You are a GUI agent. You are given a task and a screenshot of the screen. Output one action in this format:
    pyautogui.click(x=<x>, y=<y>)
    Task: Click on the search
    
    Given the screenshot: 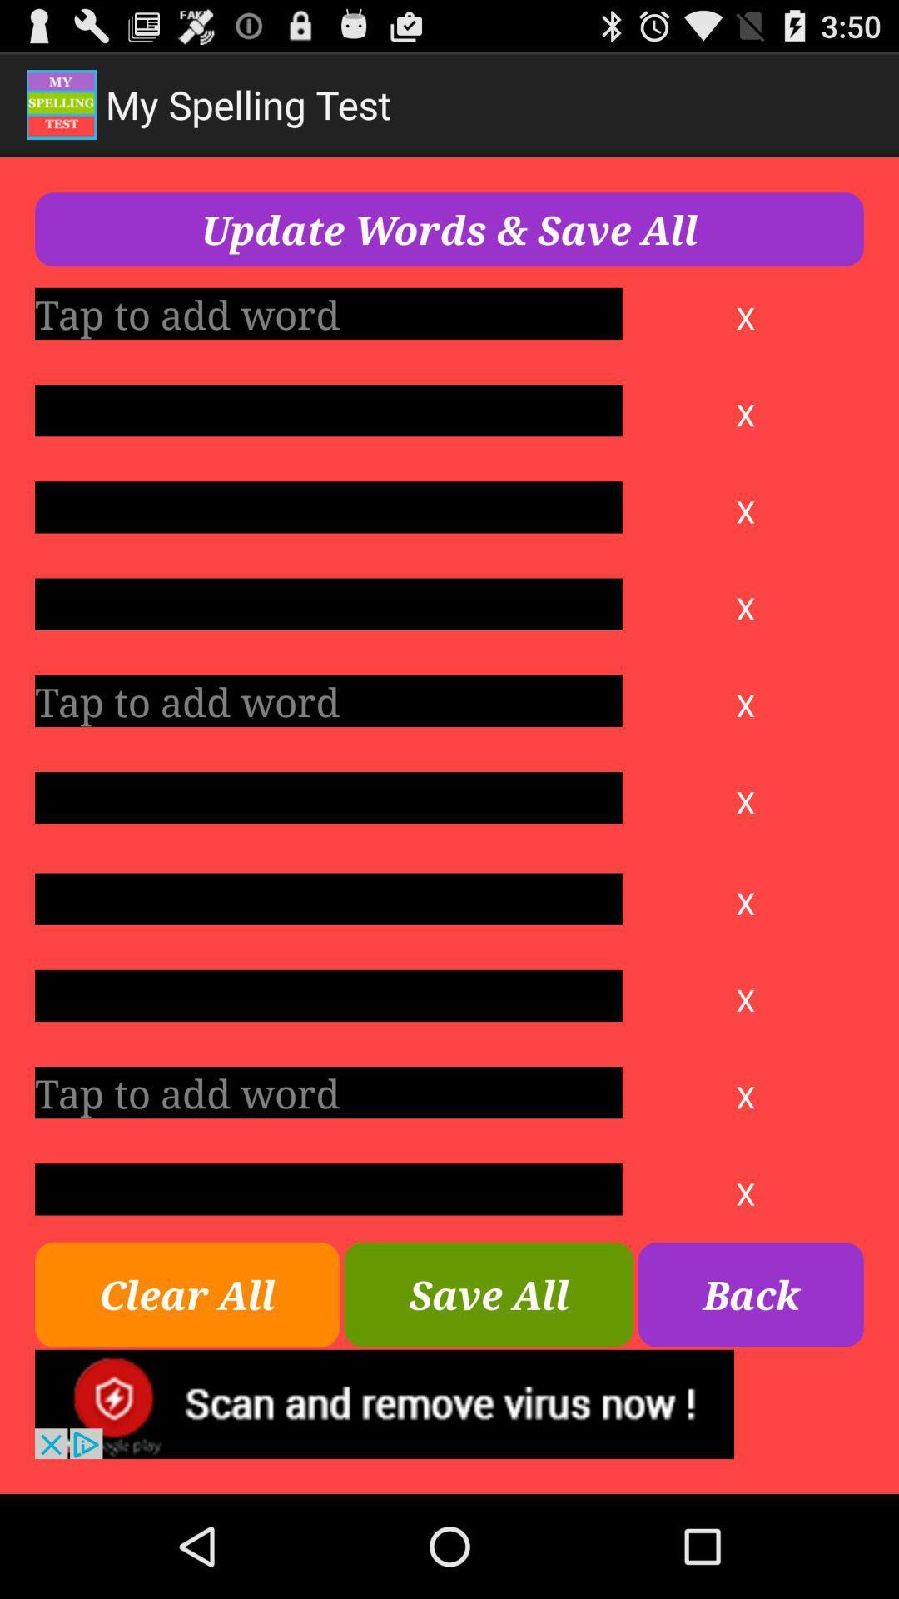 What is the action you would take?
    pyautogui.click(x=328, y=1093)
    